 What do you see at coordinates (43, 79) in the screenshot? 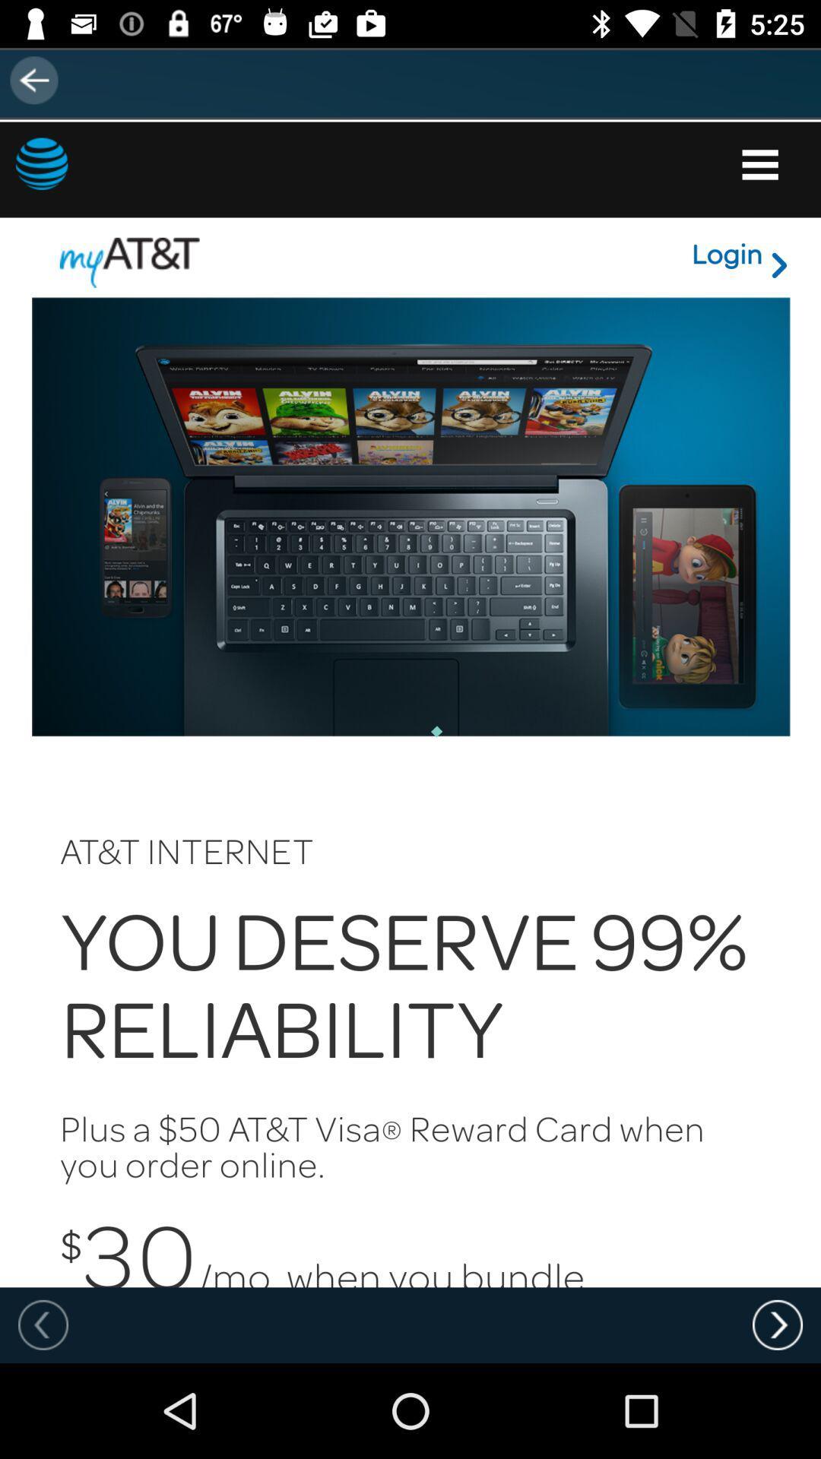
I see `the arrow_backward icon` at bounding box center [43, 79].